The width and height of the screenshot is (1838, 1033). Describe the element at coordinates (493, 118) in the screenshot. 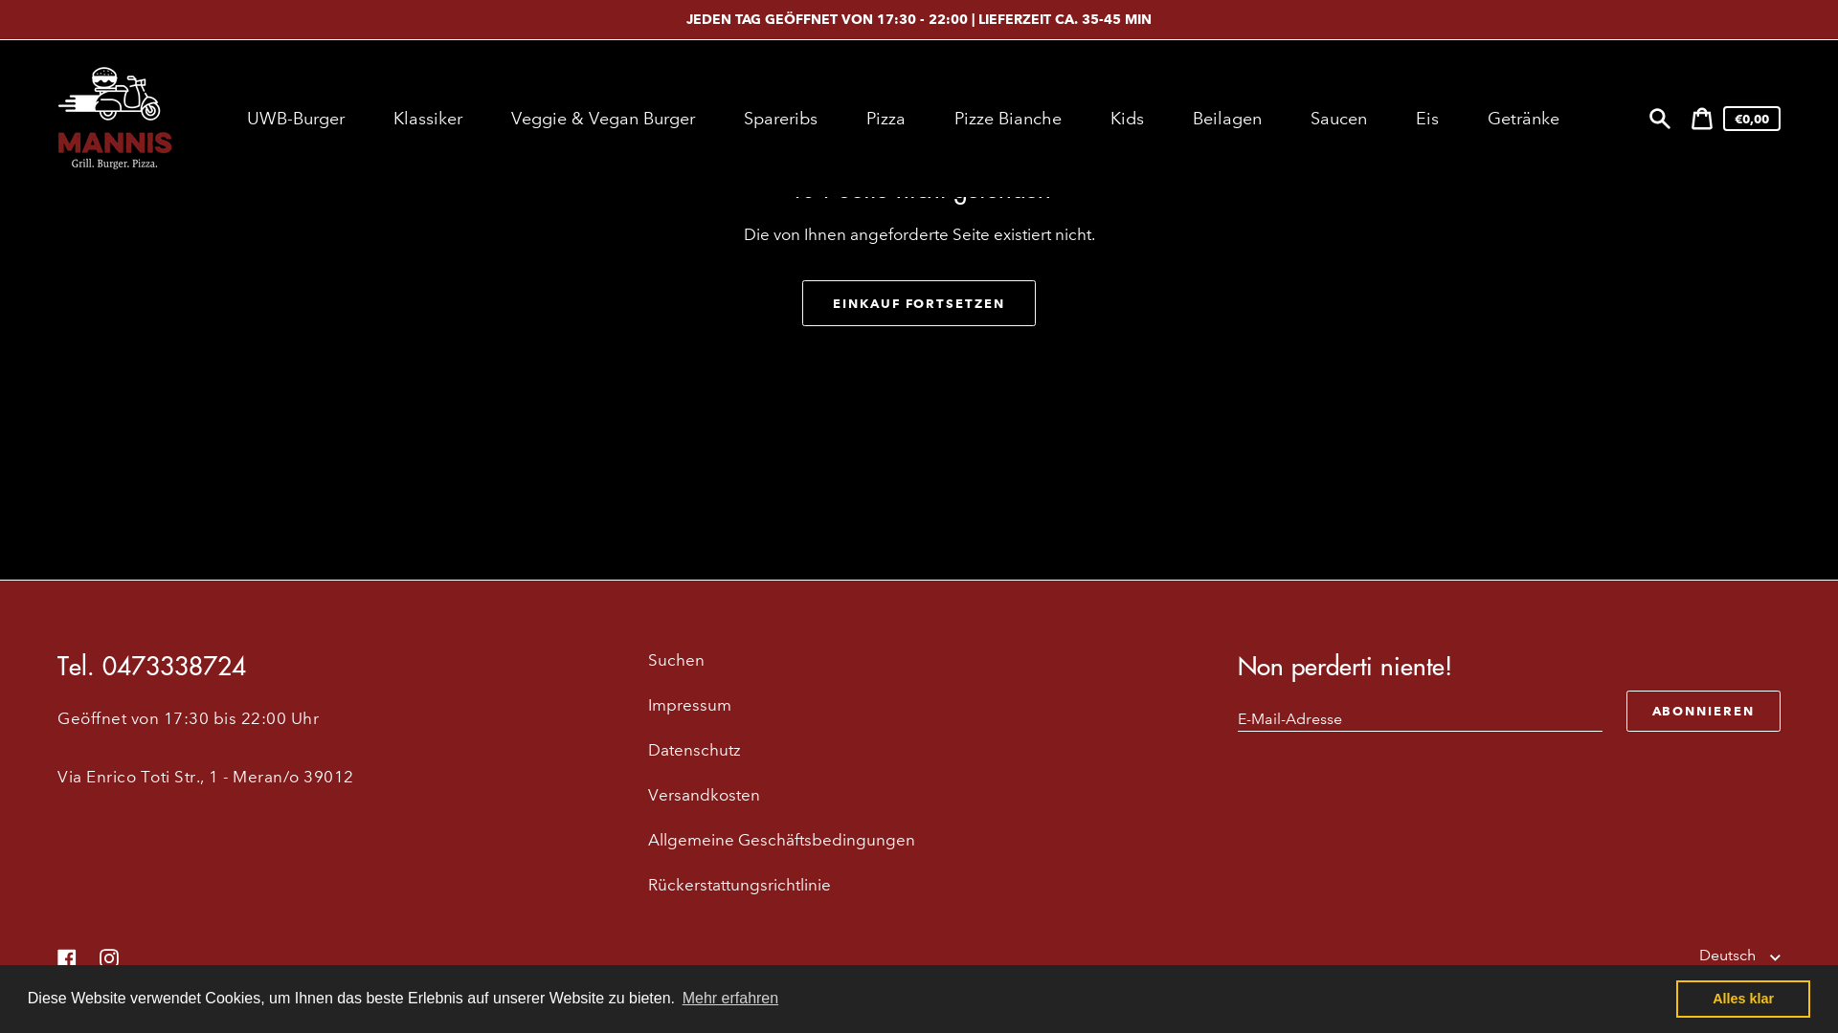

I see `'Veggie & Vegan Burger'` at that location.